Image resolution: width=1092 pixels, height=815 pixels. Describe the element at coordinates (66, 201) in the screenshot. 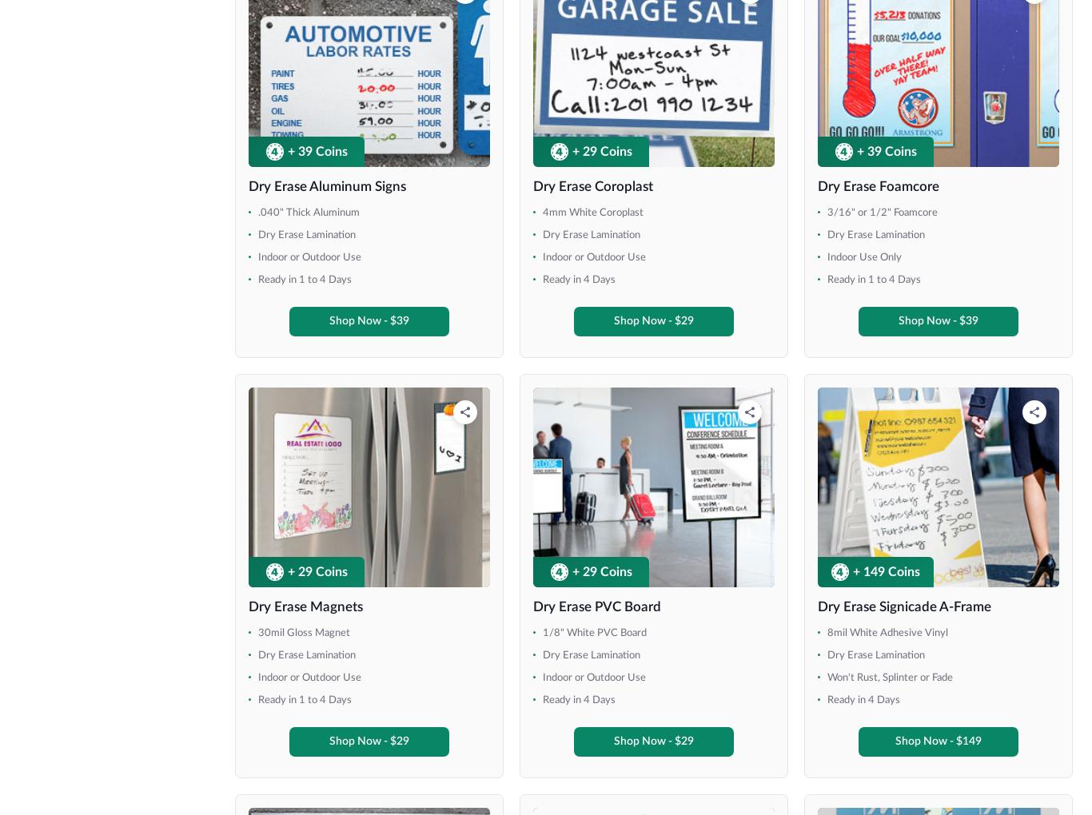

I see `'36" x 72"'` at that location.